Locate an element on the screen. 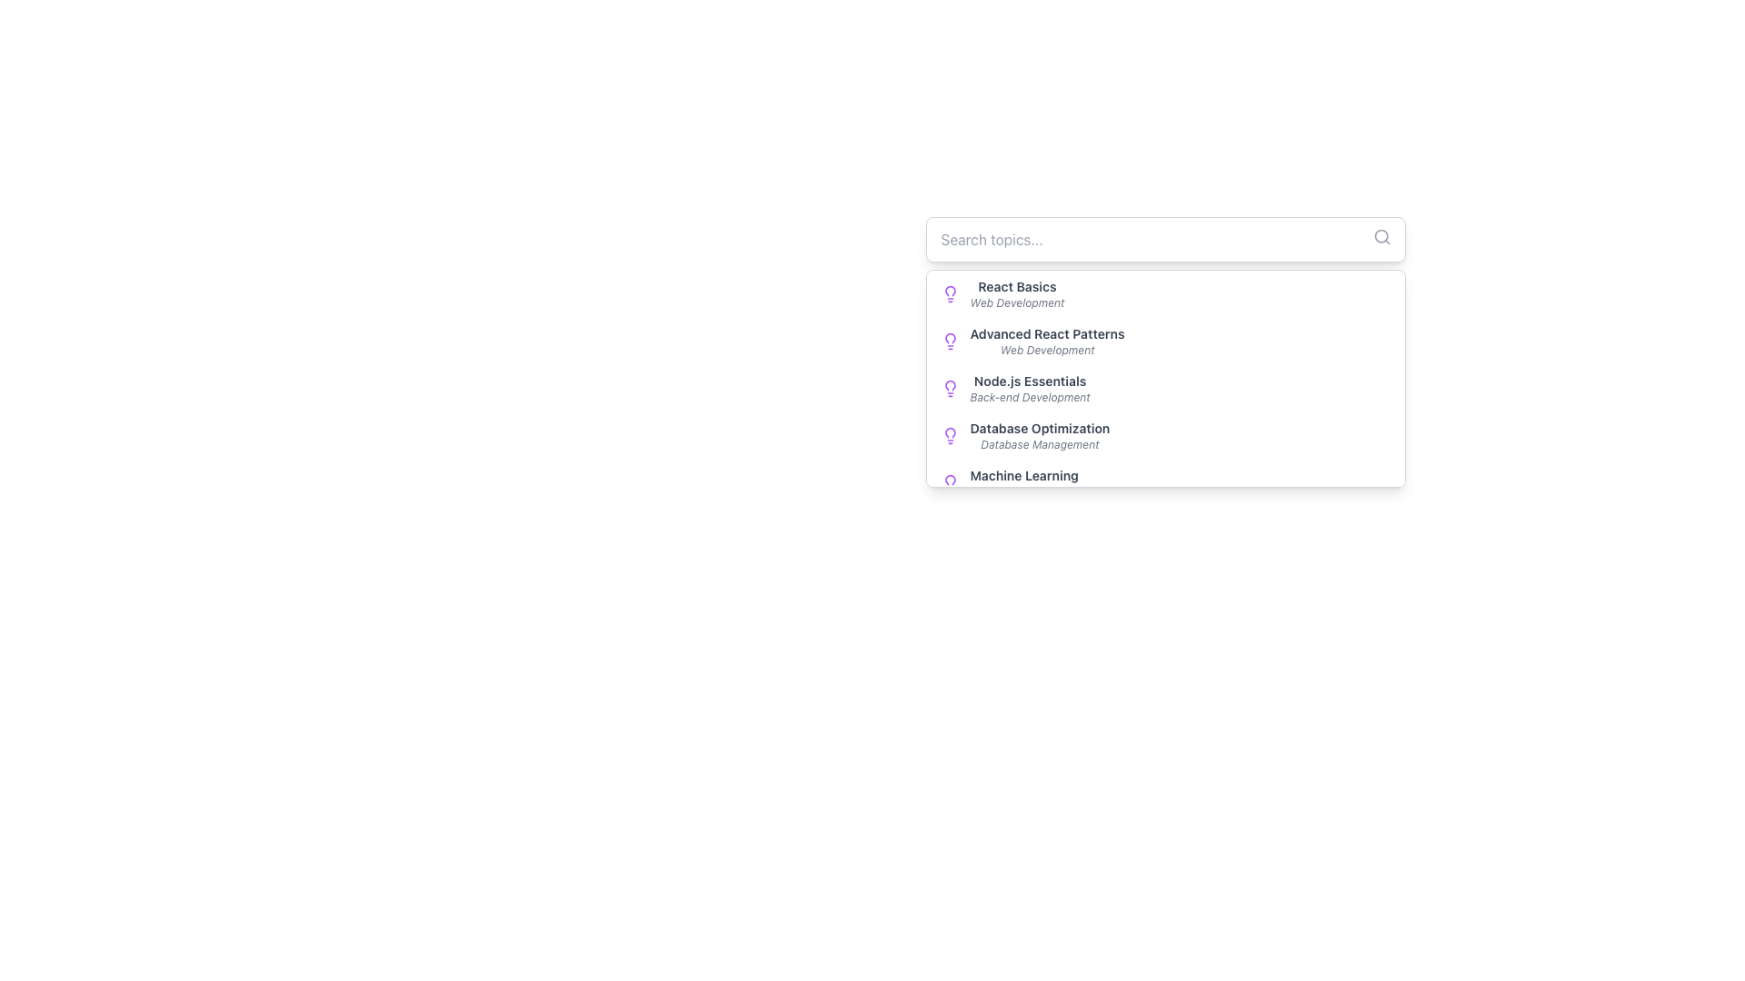 The height and width of the screenshot is (981, 1745). the 'React Basics' labeled option within the dropdown menu is located at coordinates (1016, 293).